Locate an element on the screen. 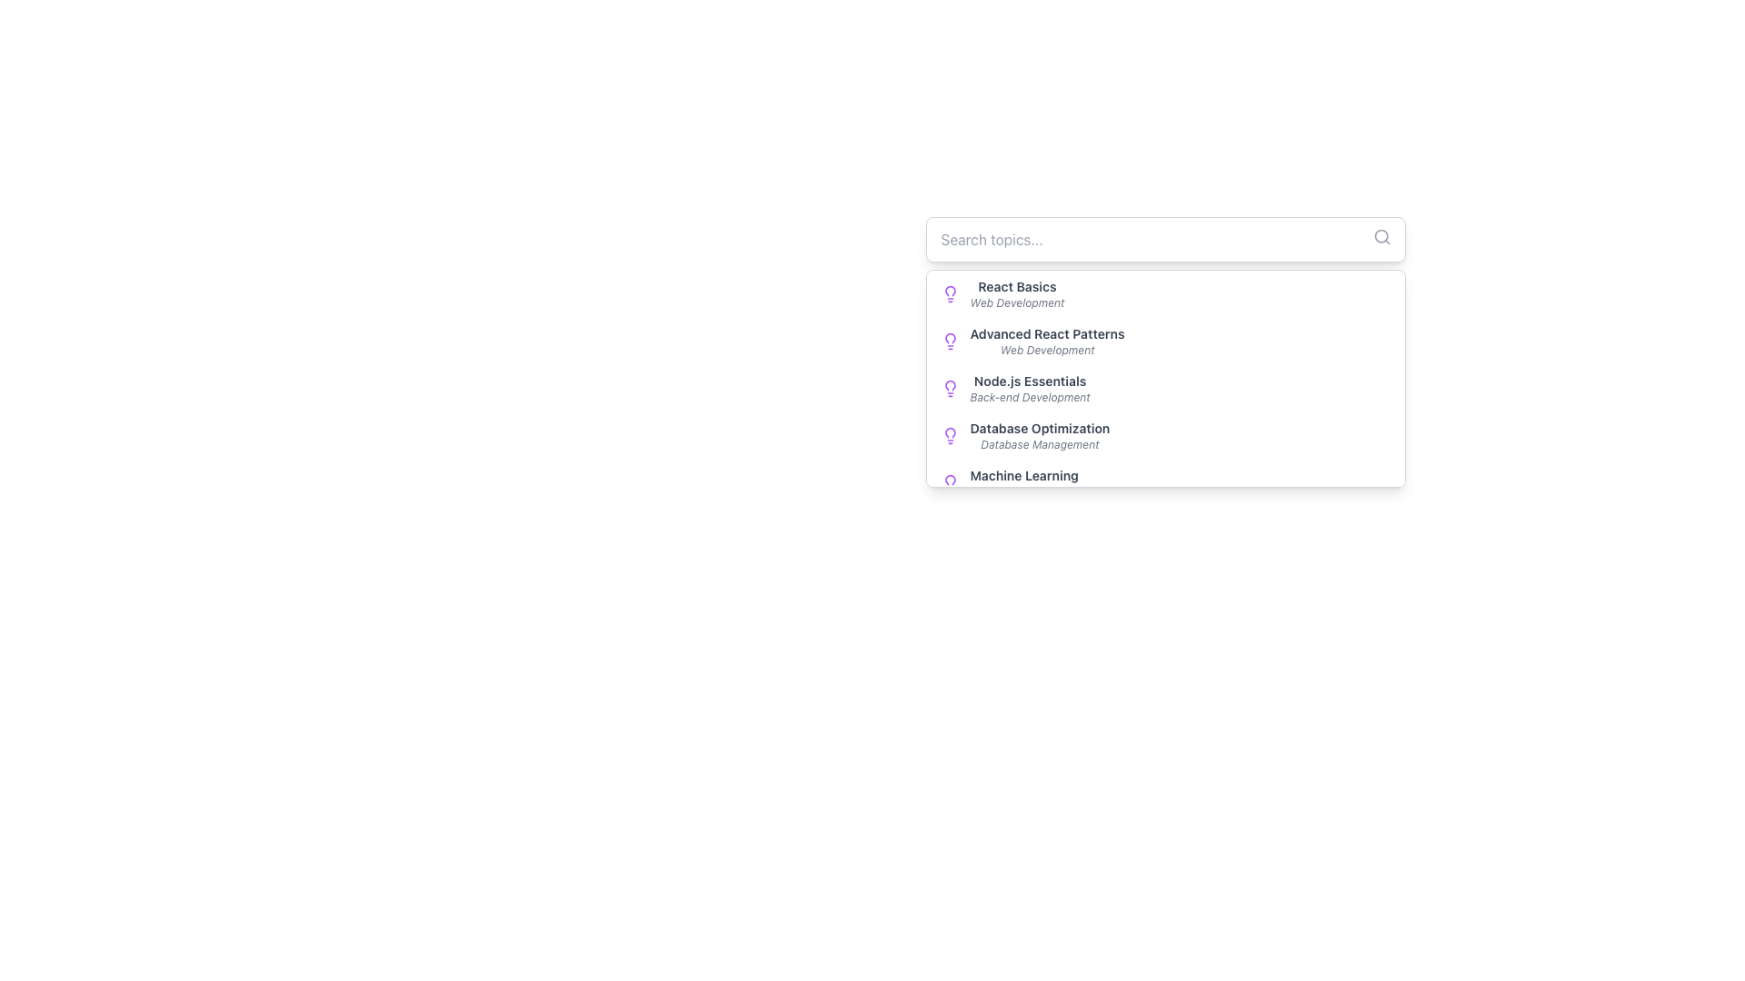 The height and width of the screenshot is (981, 1745). the 'React Basics' labeled option within the dropdown menu is located at coordinates (1016, 293).